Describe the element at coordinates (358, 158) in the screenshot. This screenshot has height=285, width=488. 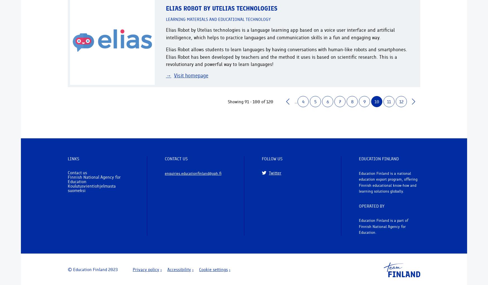
I see `'Education Finland'` at that location.